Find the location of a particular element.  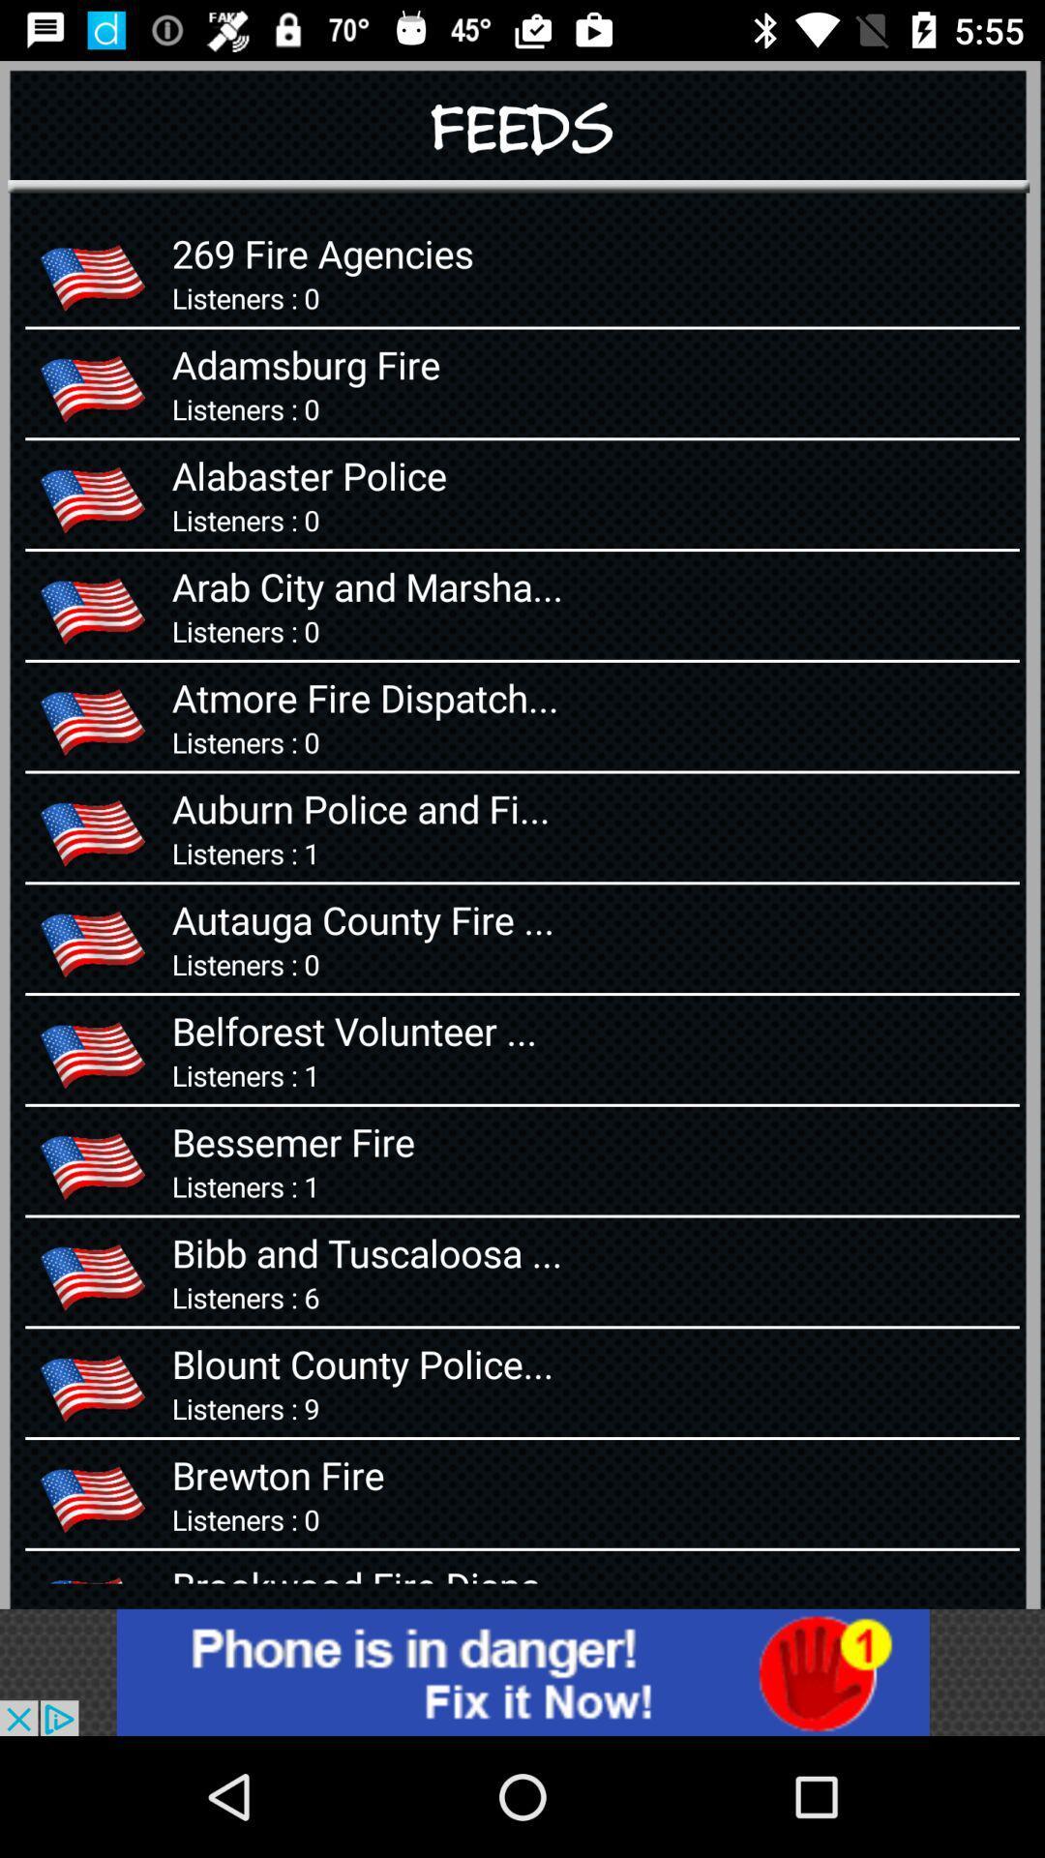

advertisement for virus scan for phone is located at coordinates (522, 1671).